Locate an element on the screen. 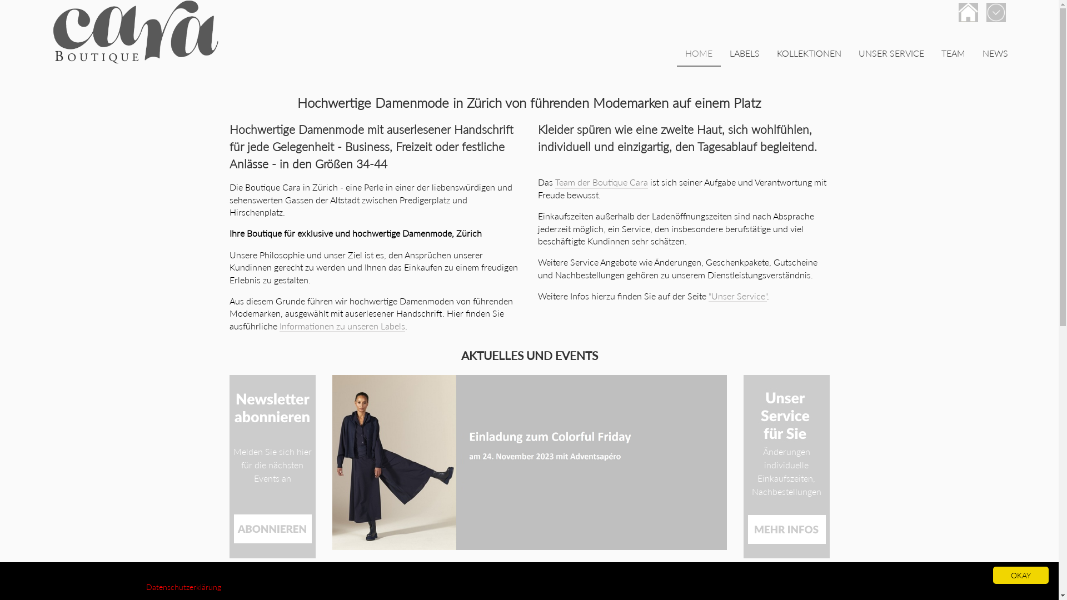 Image resolution: width=1067 pixels, height=600 pixels. '"Unser Service"' is located at coordinates (737, 296).